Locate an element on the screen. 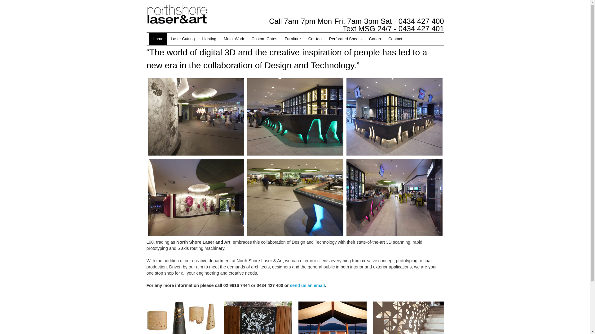  'Custom Gates' is located at coordinates (264, 39).